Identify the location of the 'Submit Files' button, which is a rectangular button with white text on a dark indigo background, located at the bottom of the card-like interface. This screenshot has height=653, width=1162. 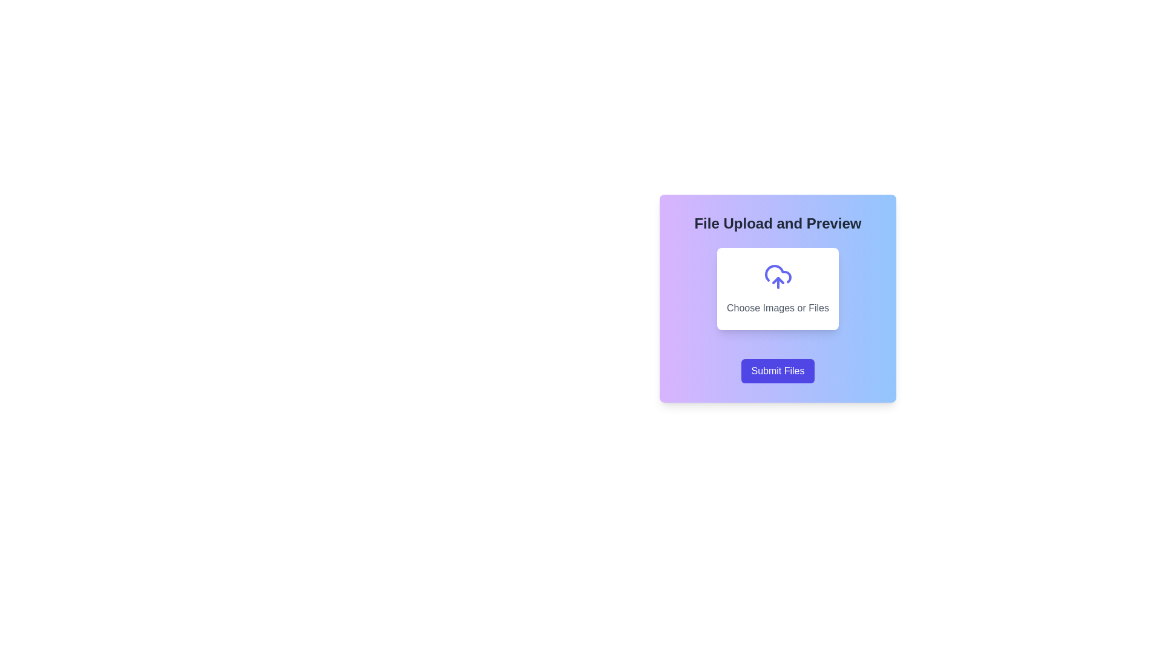
(778, 370).